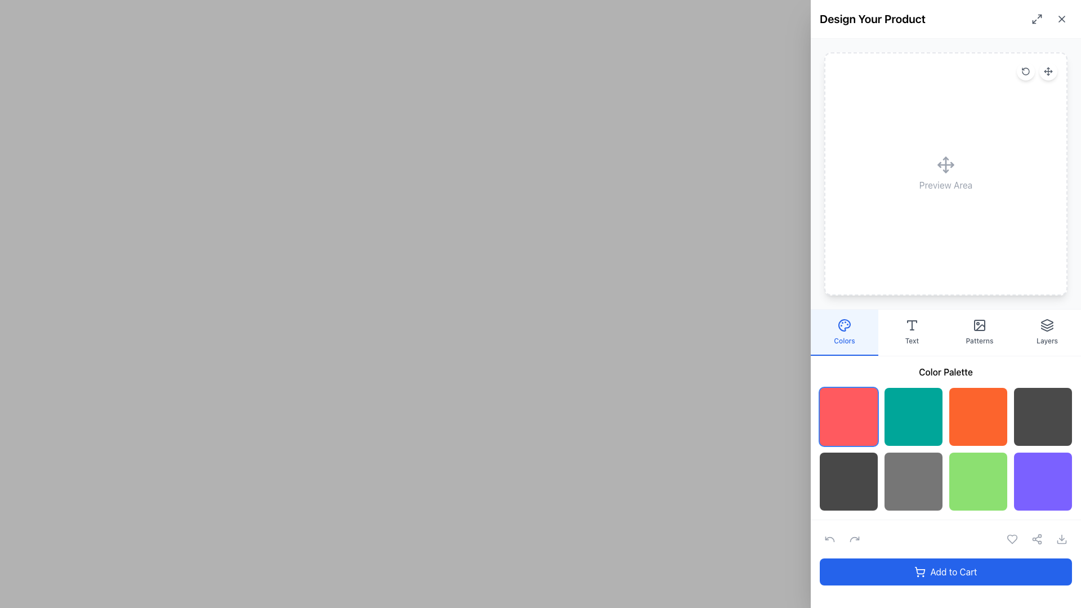 This screenshot has height=608, width=1081. I want to click on the download icon button located at the bottom right corner of the interface to initiate the download, so click(1061, 538).